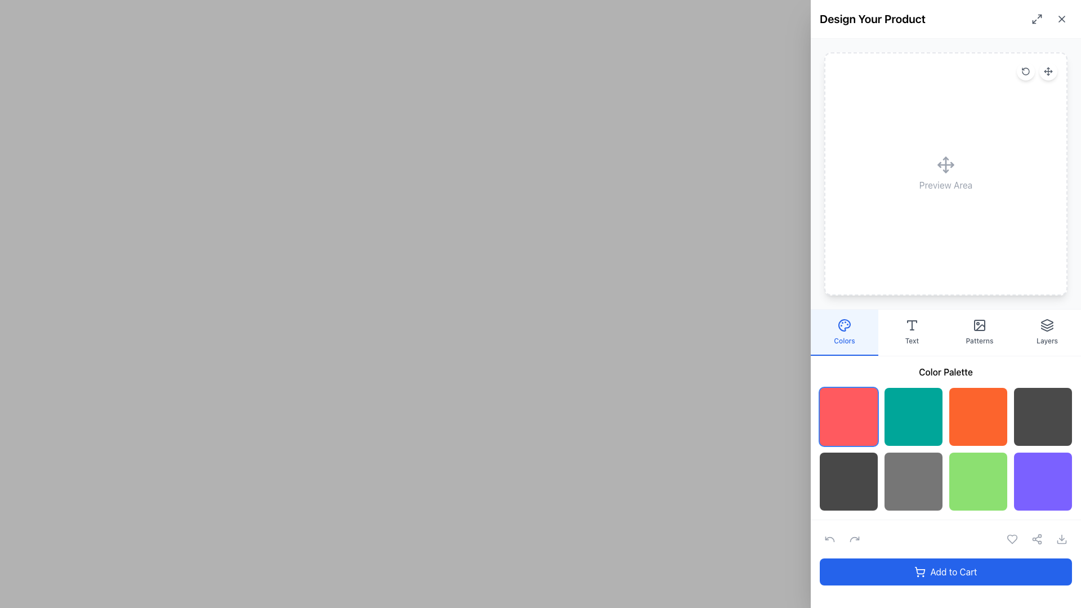 This screenshot has height=608, width=1081. I want to click on the download icon button located at the bottom right corner of the interface to initiate the download, so click(1061, 538).